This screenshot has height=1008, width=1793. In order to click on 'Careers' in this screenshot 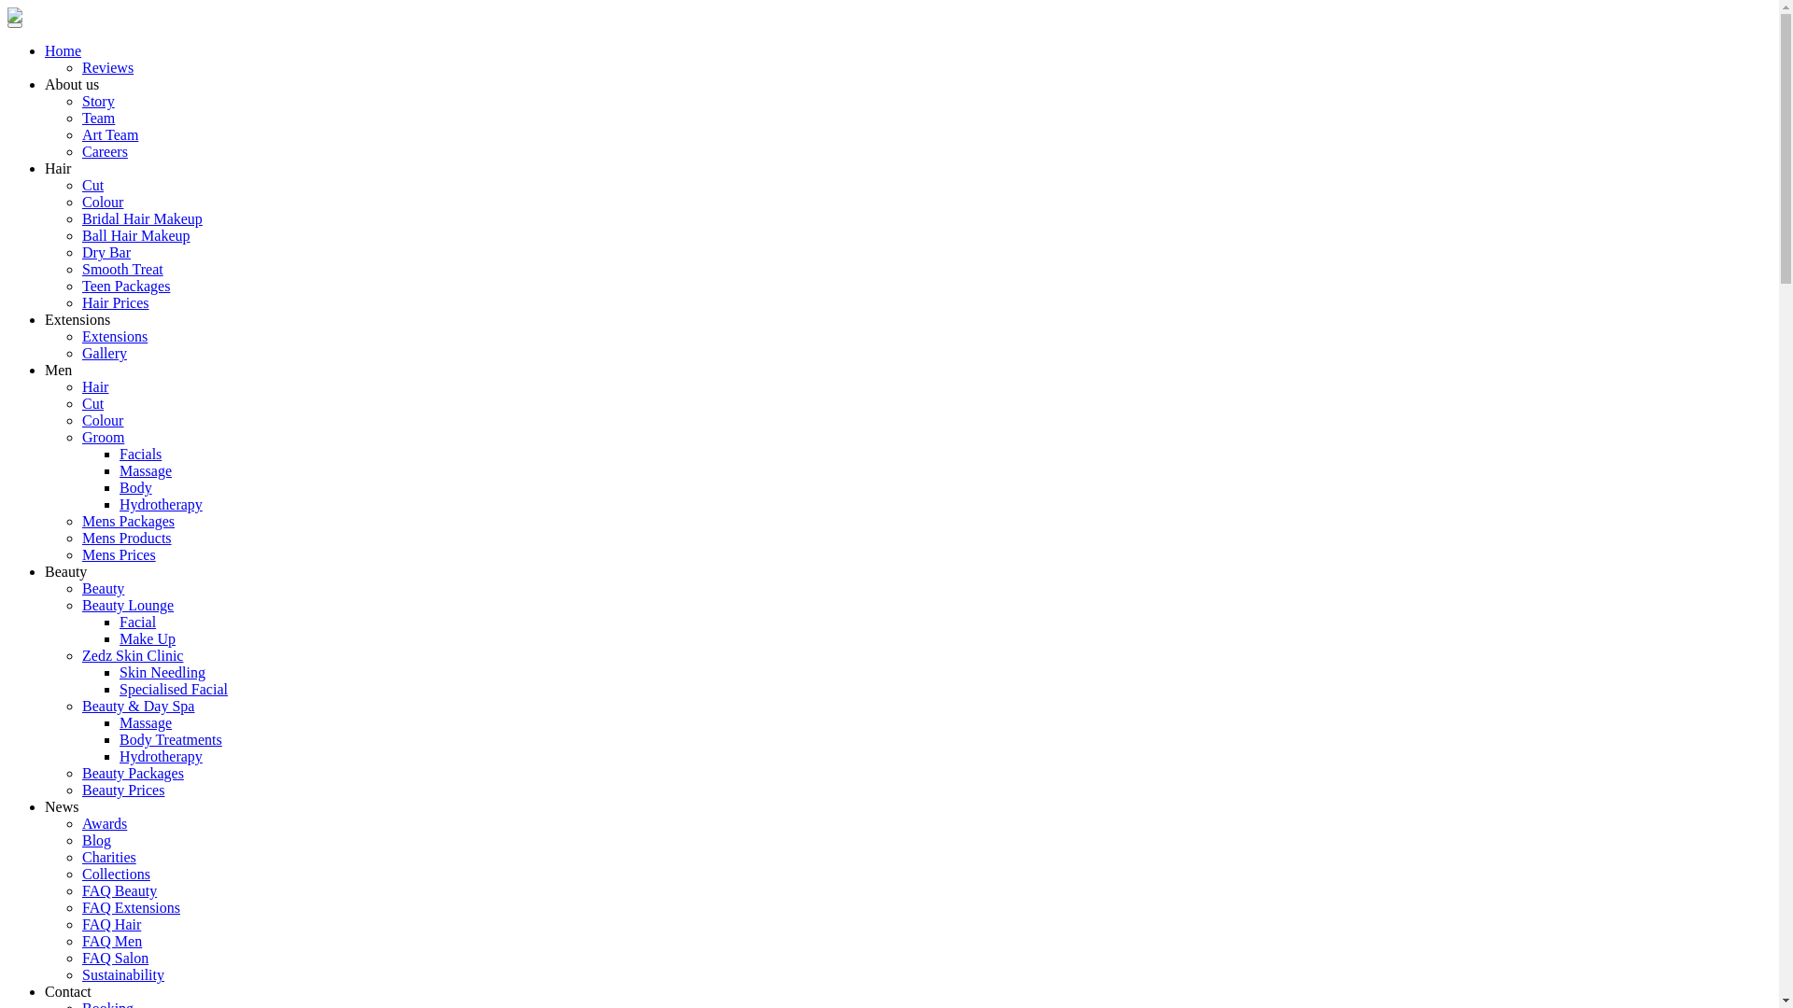, I will do `click(104, 150)`.